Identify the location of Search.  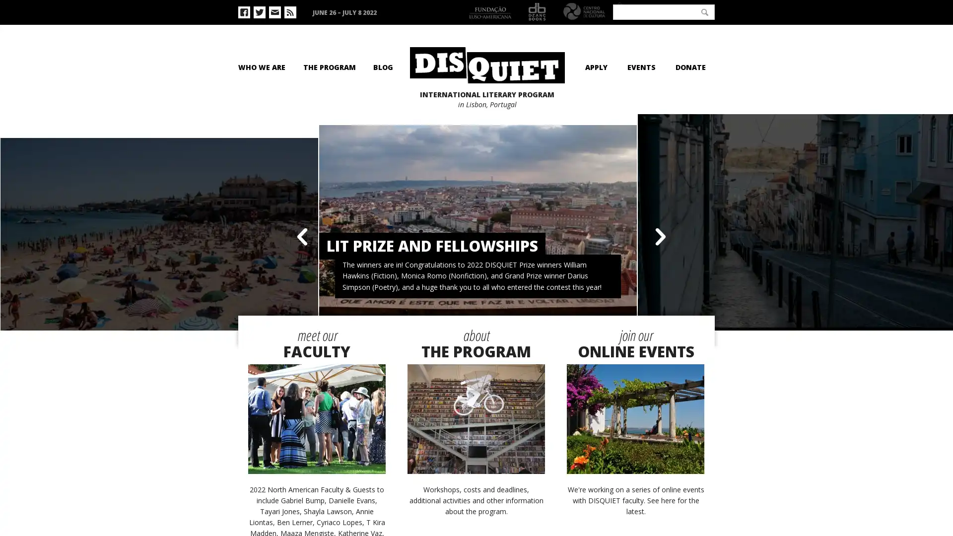
(704, 11).